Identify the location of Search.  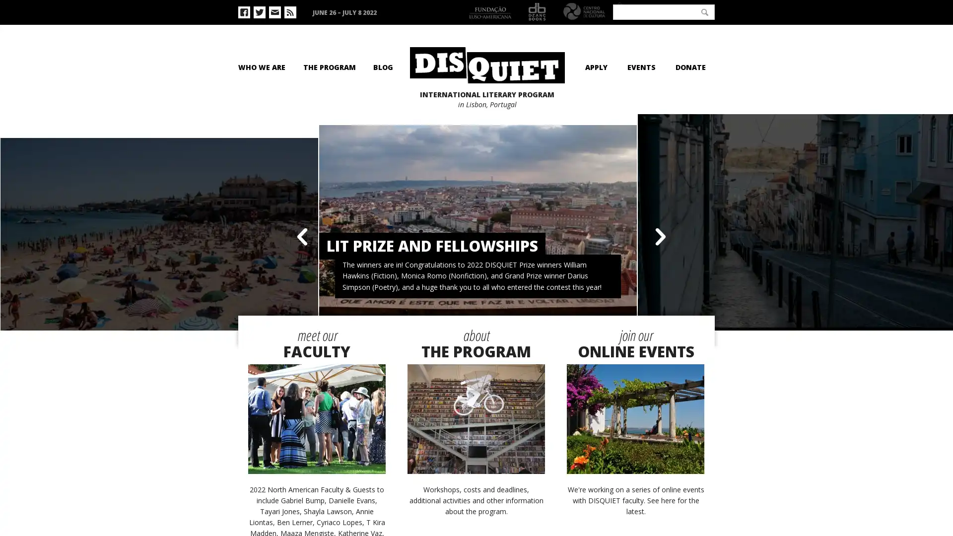
(704, 11).